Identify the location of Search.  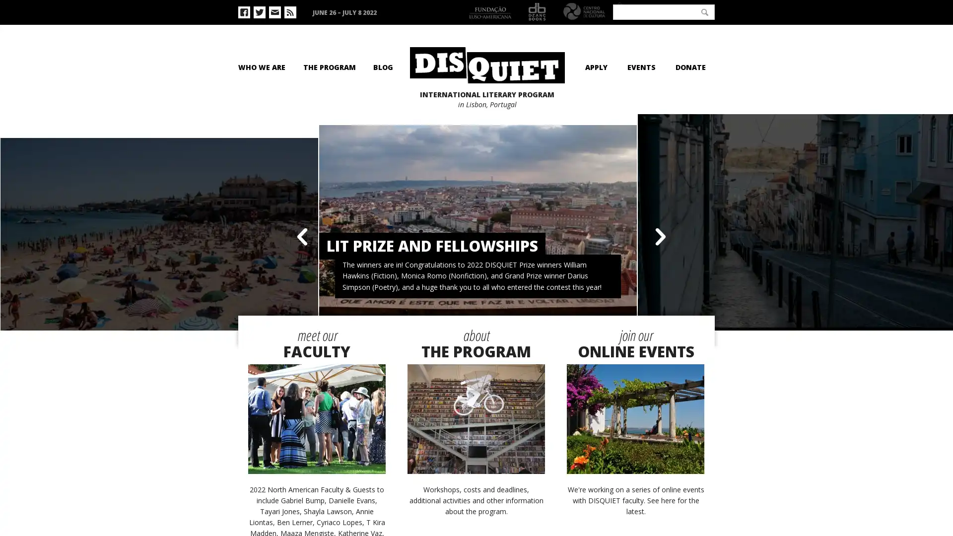
(704, 11).